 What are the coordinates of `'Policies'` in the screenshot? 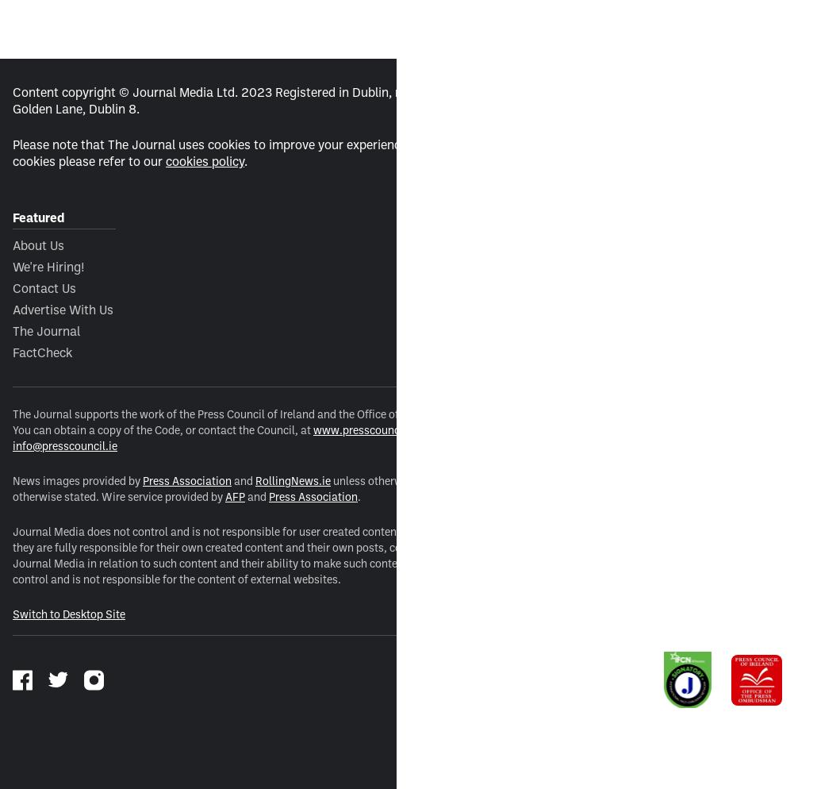 It's located at (420, 217).